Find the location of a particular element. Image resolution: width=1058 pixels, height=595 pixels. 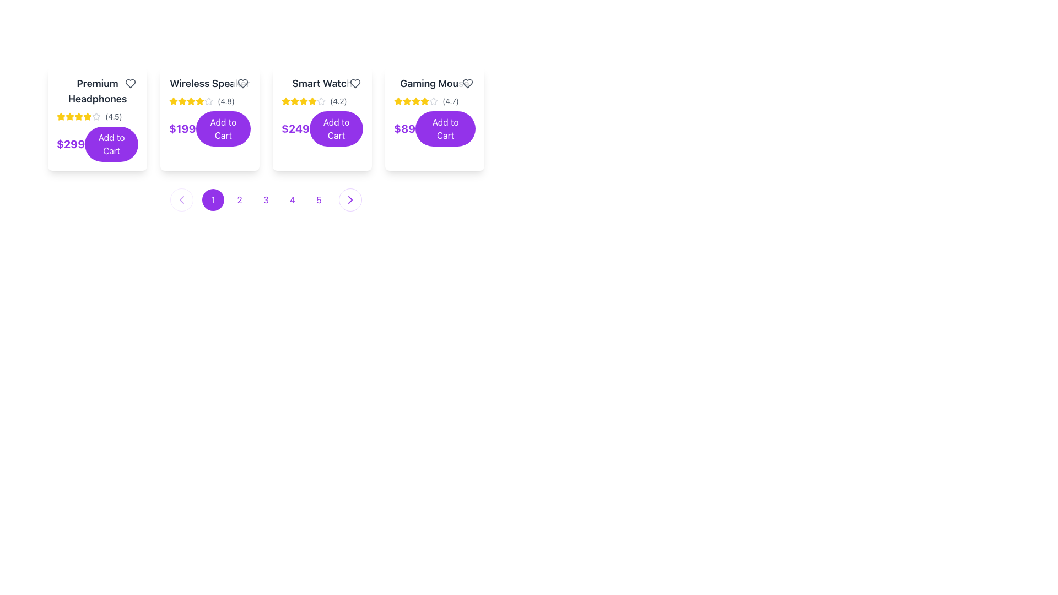

the third star-shaped icon in the rating display for the product 'Premium Headphones', which is filled and golden yellow in color is located at coordinates (69, 117).